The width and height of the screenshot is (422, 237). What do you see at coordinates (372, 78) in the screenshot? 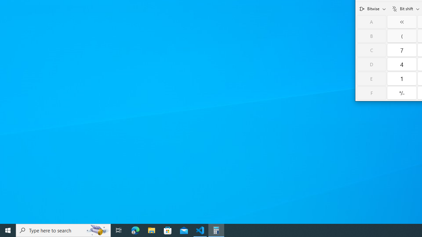
I see `'E'` at bounding box center [372, 78].